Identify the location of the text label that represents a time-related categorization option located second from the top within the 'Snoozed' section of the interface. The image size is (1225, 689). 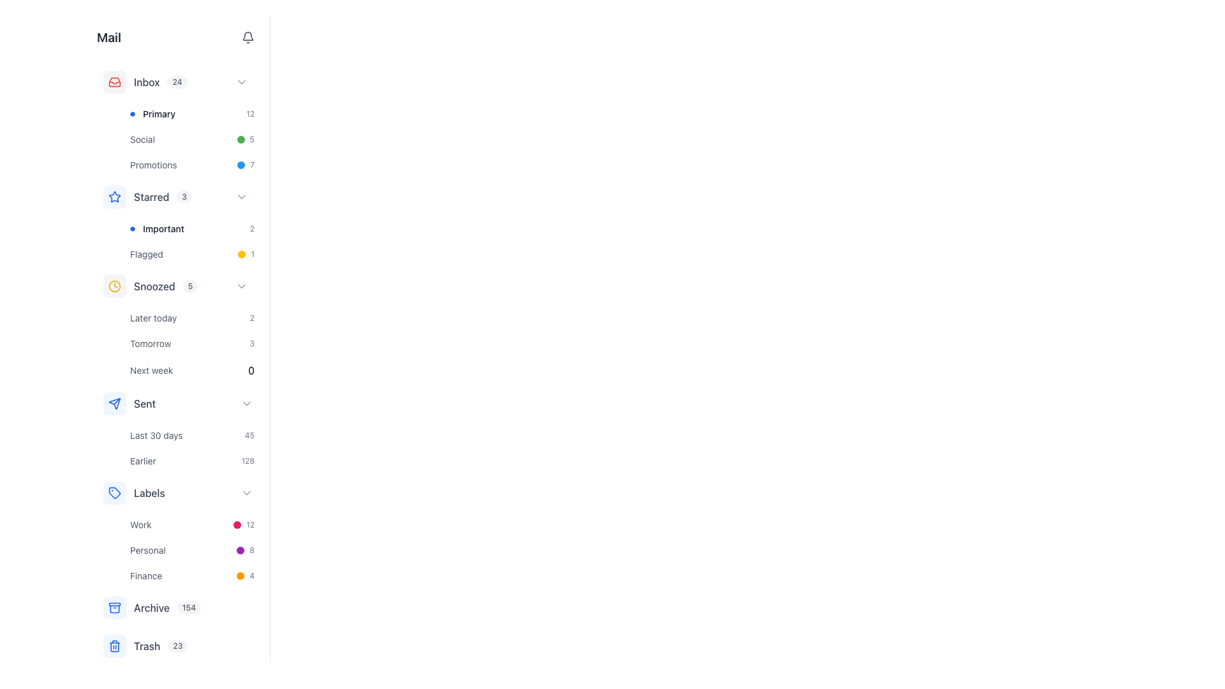
(153, 317).